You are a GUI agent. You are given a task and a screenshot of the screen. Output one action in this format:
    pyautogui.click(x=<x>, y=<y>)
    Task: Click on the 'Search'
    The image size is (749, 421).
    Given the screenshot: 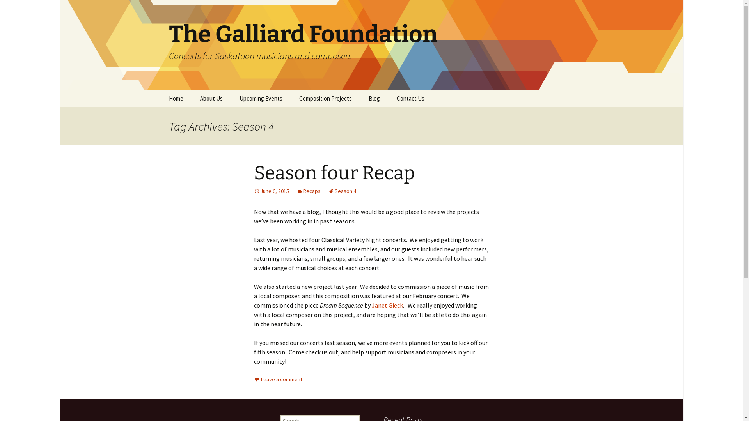 What is the action you would take?
    pyautogui.click(x=17, y=8)
    